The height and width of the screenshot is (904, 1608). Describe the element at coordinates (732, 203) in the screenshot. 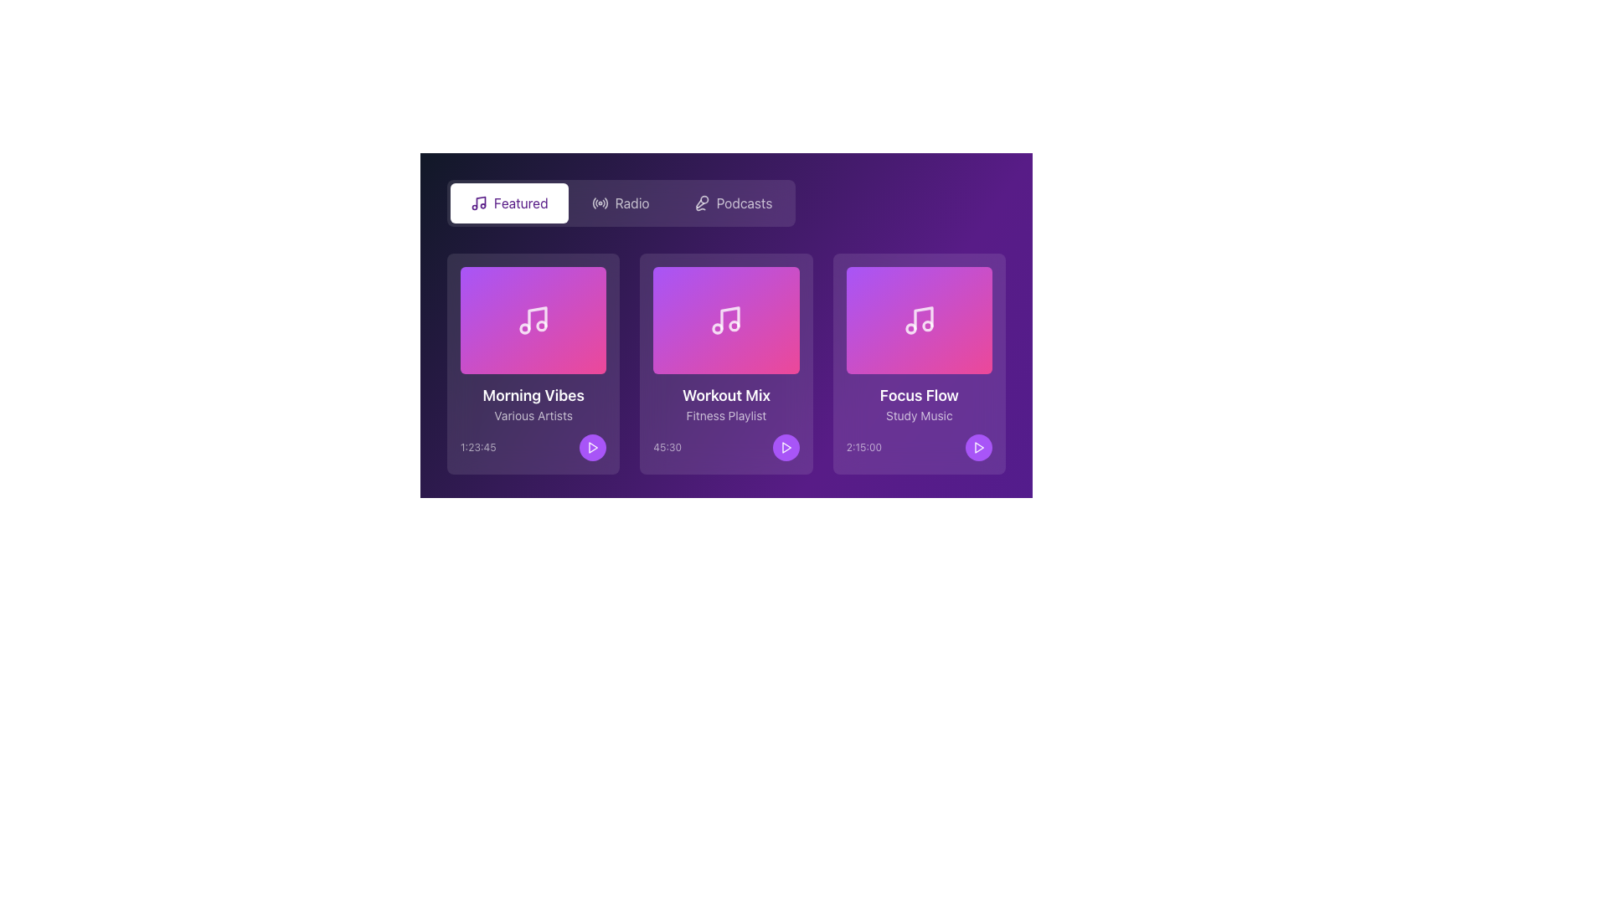

I see `the navigation button labeled 'Podcasts', which features white semi-transparent text and a microphone icon on a purple background` at that location.